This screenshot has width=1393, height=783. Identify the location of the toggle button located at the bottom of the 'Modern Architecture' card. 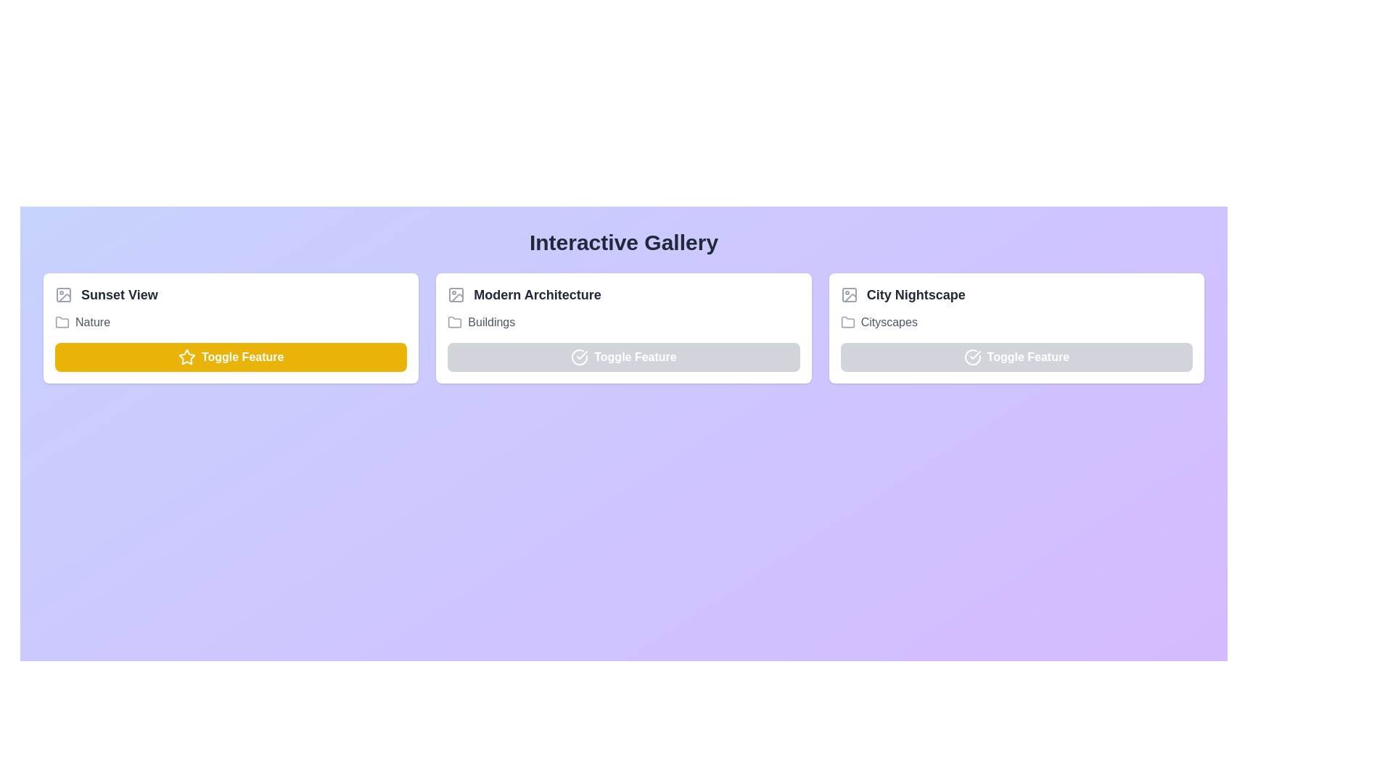
(623, 357).